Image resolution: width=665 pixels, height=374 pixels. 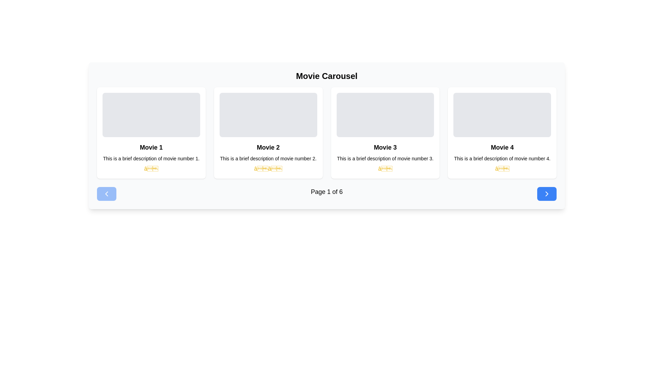 I want to click on the first informative card component displaying movie details, so click(x=151, y=133).